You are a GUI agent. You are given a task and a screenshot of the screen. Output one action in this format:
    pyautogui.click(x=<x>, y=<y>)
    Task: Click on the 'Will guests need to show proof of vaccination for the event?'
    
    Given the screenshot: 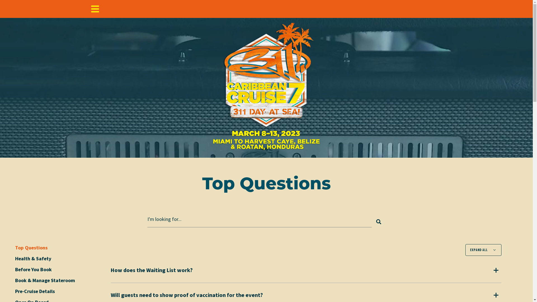 What is the action you would take?
    pyautogui.click(x=187, y=295)
    